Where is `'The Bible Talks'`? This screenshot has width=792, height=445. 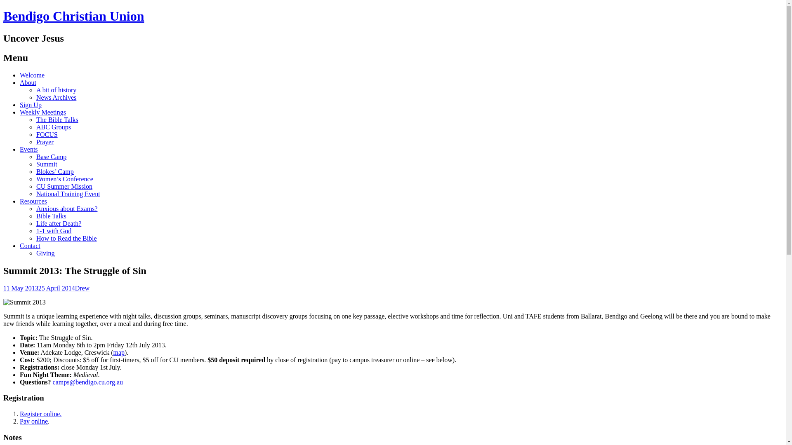
'The Bible Talks' is located at coordinates (57, 119).